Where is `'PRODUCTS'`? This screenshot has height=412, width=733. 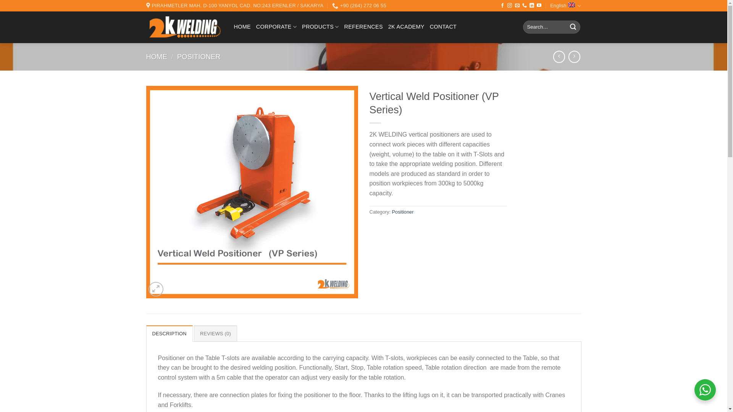
'PRODUCTS' is located at coordinates (320, 26).